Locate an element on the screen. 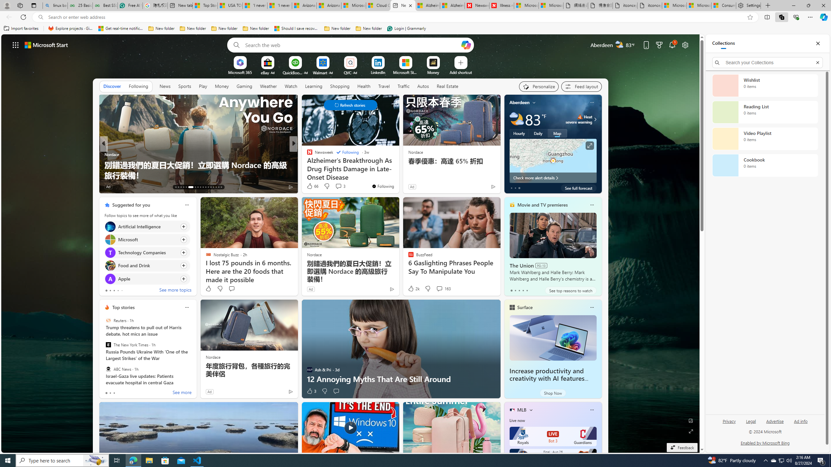 This screenshot has height=467, width=831. 'Travel' is located at coordinates (384, 86).